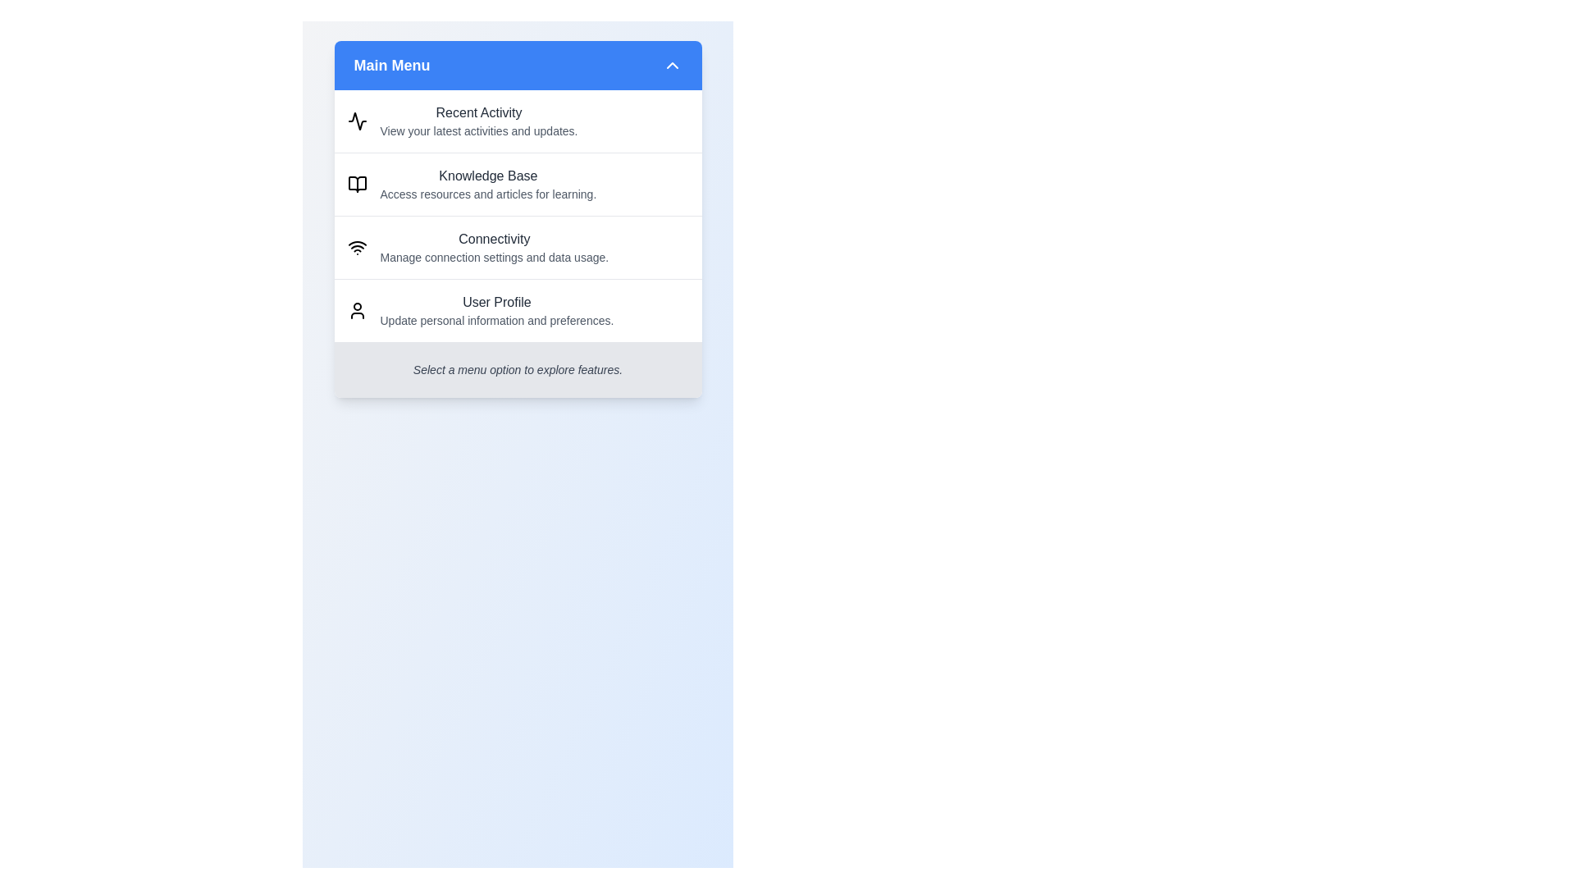 The width and height of the screenshot is (1575, 886). What do you see at coordinates (517, 65) in the screenshot?
I see `the toggle menu button to change the menu visibility` at bounding box center [517, 65].